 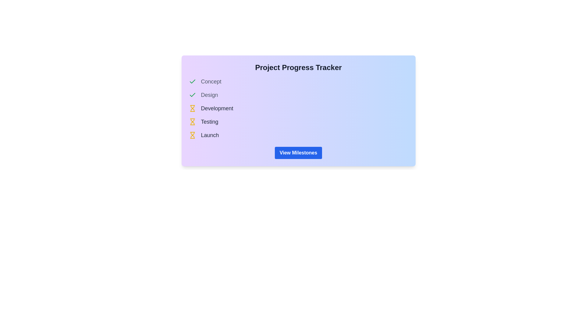 What do you see at coordinates (211, 81) in the screenshot?
I see `the text label reading 'Concept', styled in medium-weight, large-sized gray font, located near the top of the progress list, immediately to the right of a green checkmark icon` at bounding box center [211, 81].